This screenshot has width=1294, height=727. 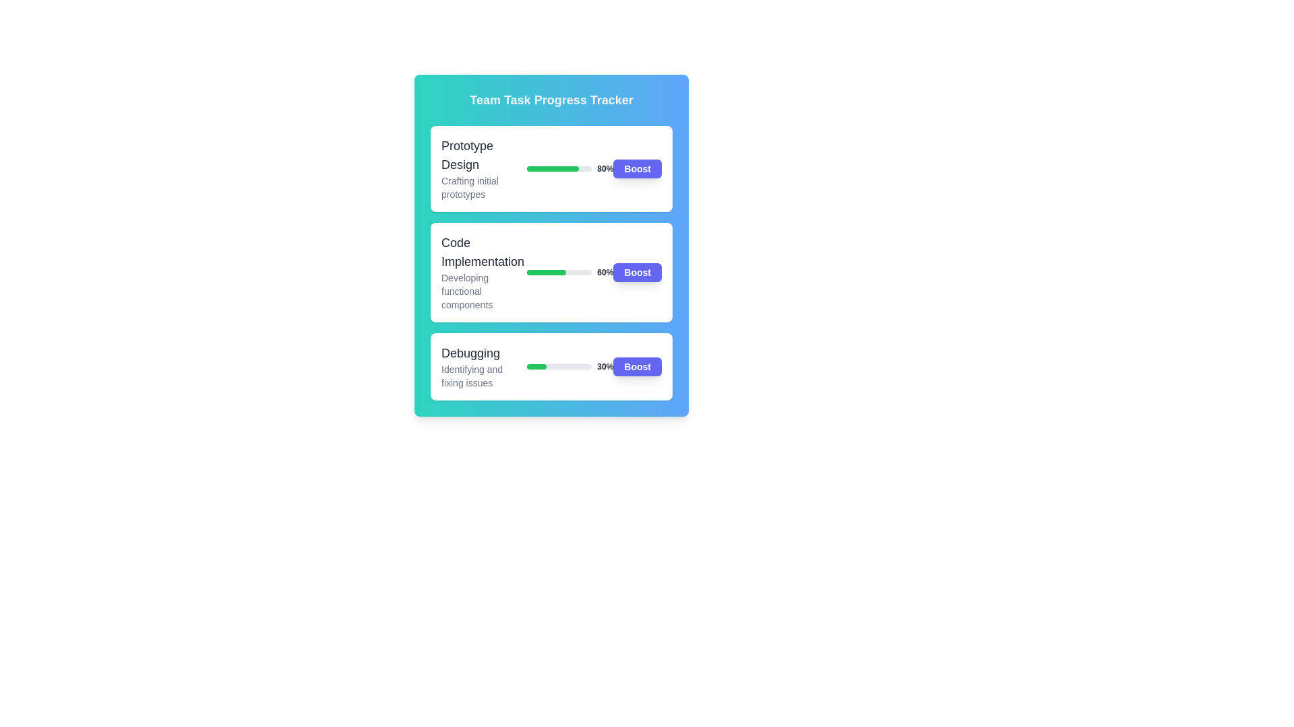 I want to click on the progress bar that visually represents 60% task completion, located below the 'Code Implementation' heading and above the percentage text, so click(x=559, y=273).